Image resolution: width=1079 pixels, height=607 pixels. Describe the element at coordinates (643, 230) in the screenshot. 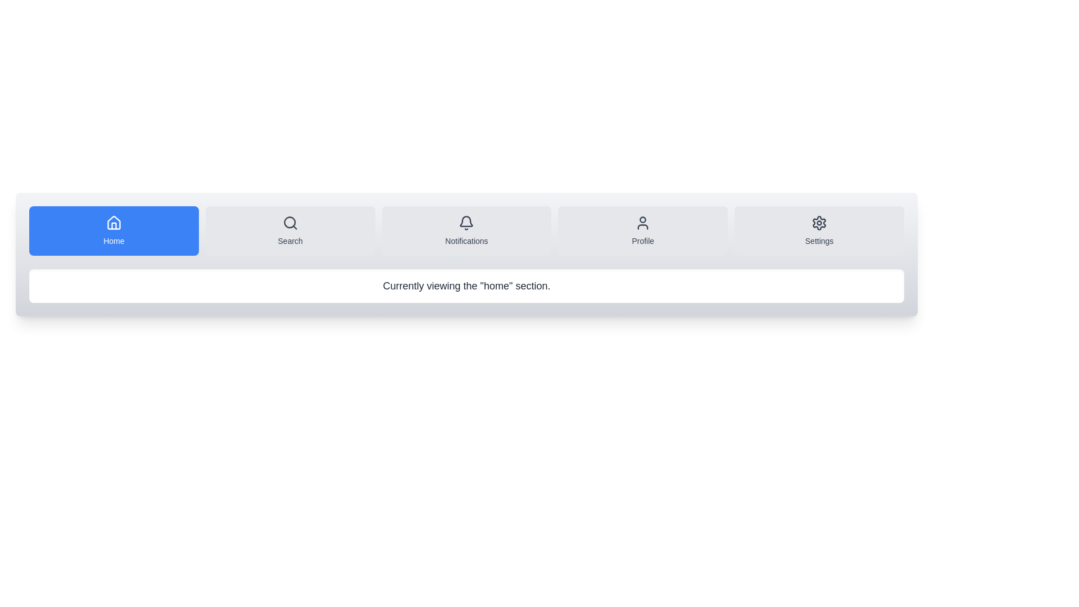

I see `the 'Profile' button in the navigation bar` at that location.